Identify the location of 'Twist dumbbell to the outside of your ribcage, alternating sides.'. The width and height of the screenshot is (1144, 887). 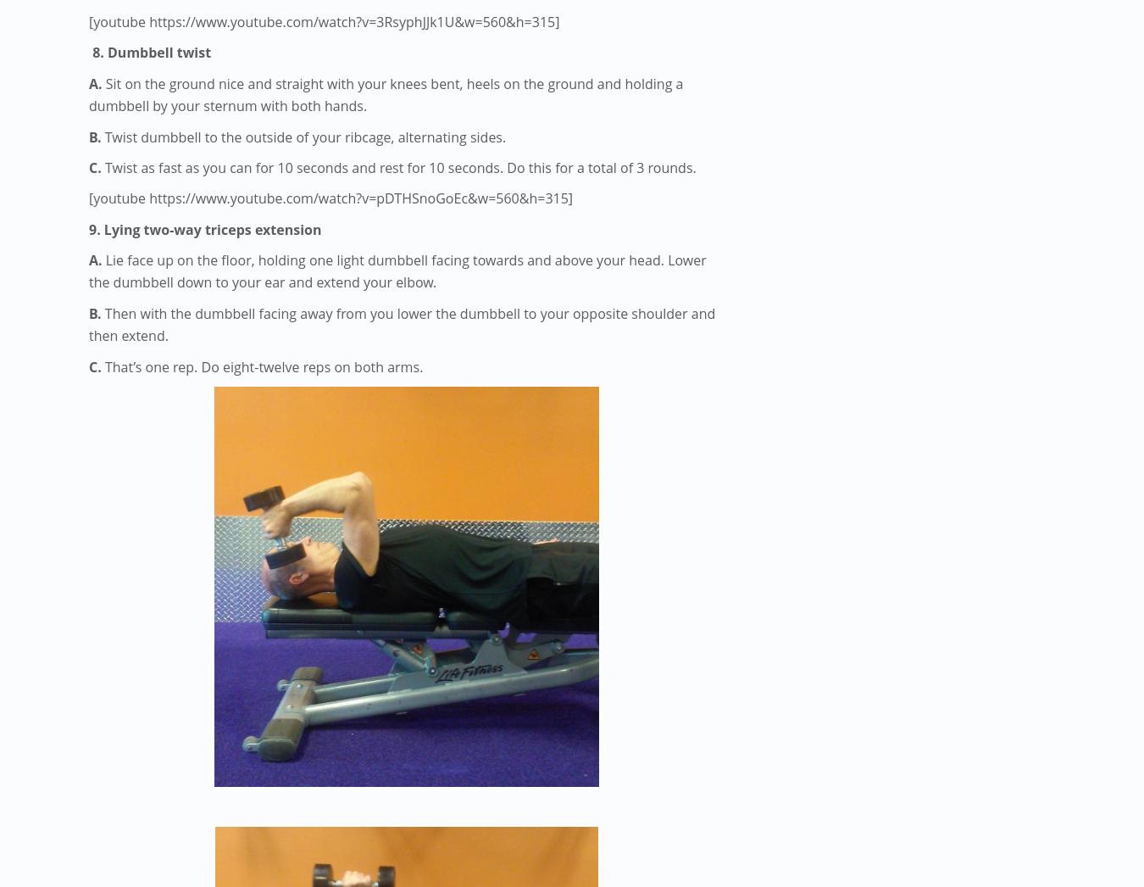
(305, 136).